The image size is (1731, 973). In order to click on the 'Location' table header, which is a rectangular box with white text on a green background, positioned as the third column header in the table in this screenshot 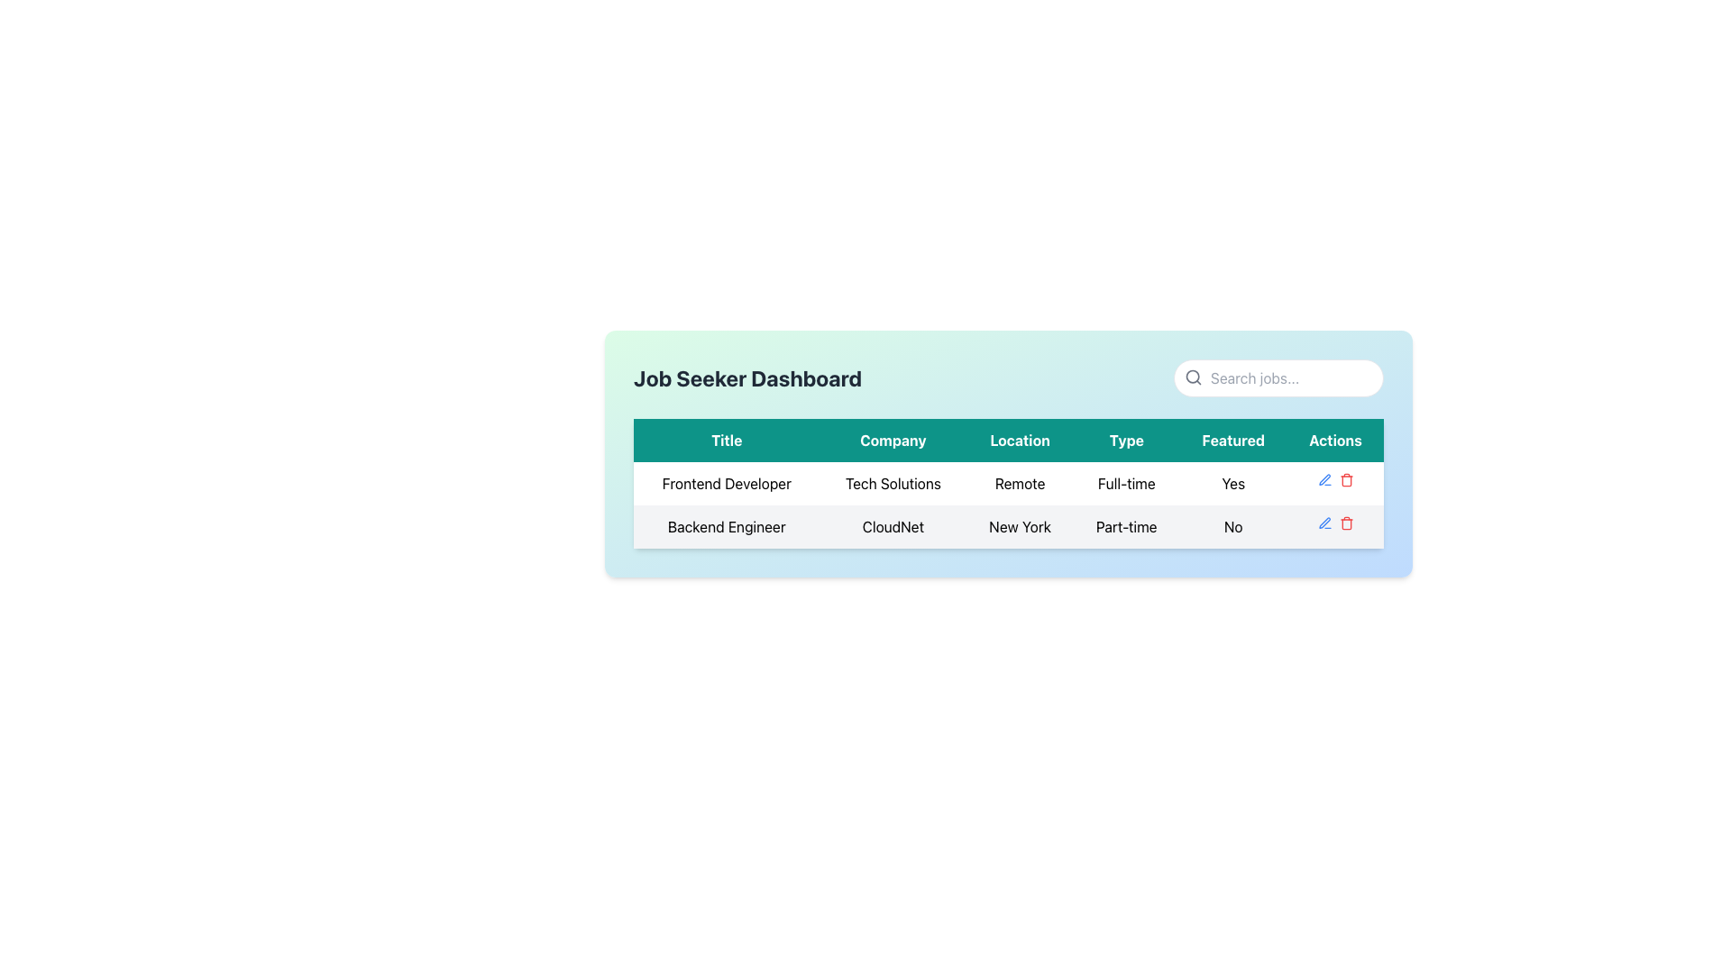, I will do `click(1020, 441)`.